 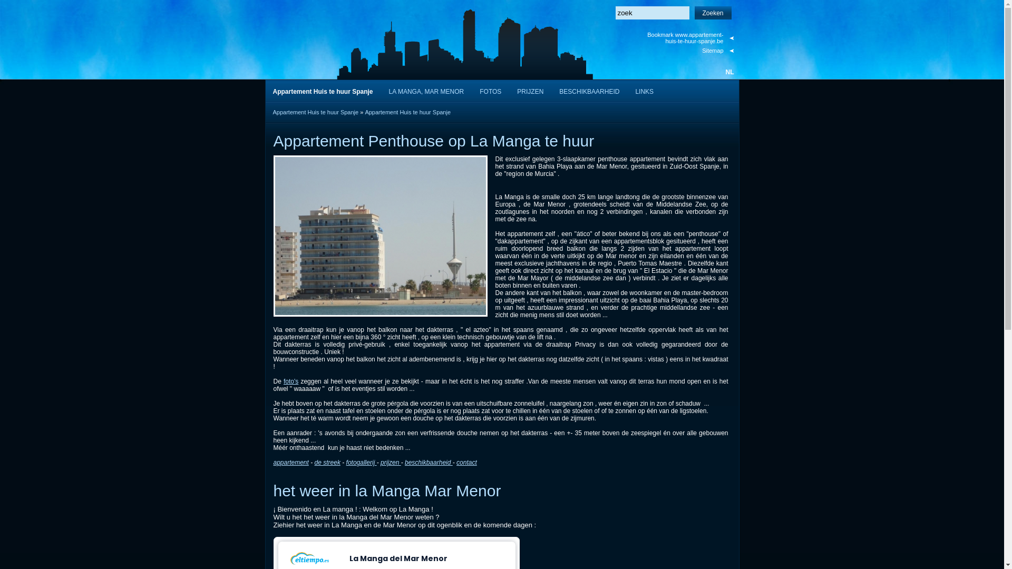 What do you see at coordinates (490, 90) in the screenshot?
I see `'FOTOS'` at bounding box center [490, 90].